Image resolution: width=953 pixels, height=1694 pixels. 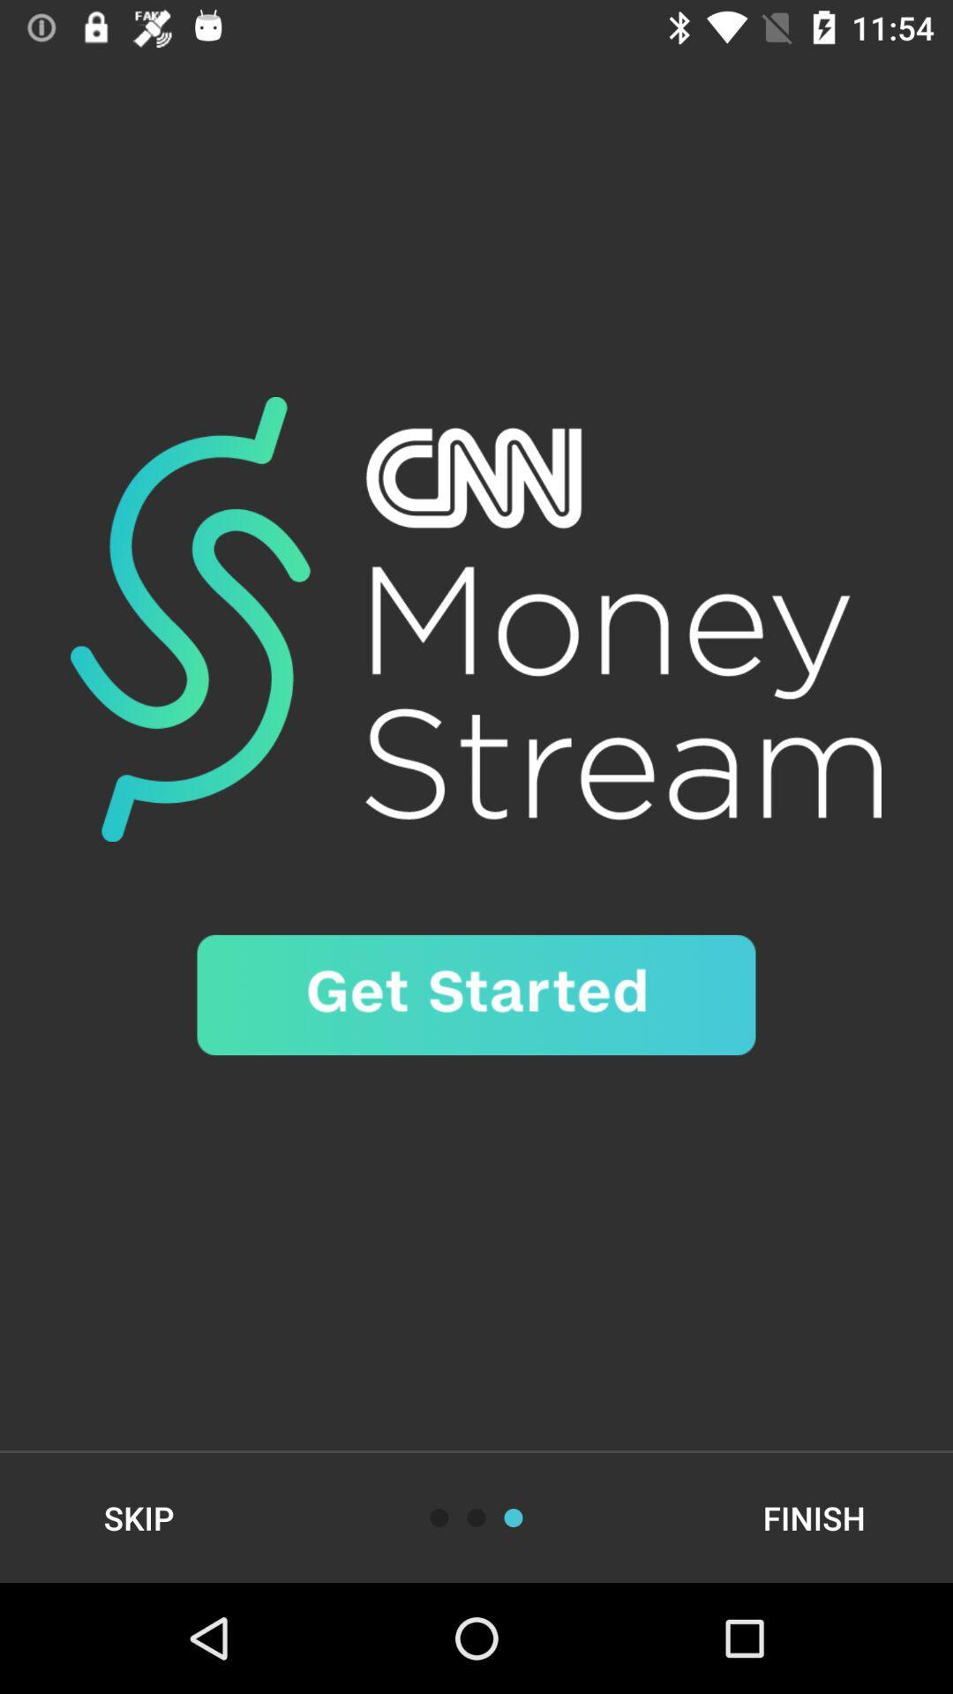 I want to click on the finish at the bottom right corner, so click(x=814, y=1517).